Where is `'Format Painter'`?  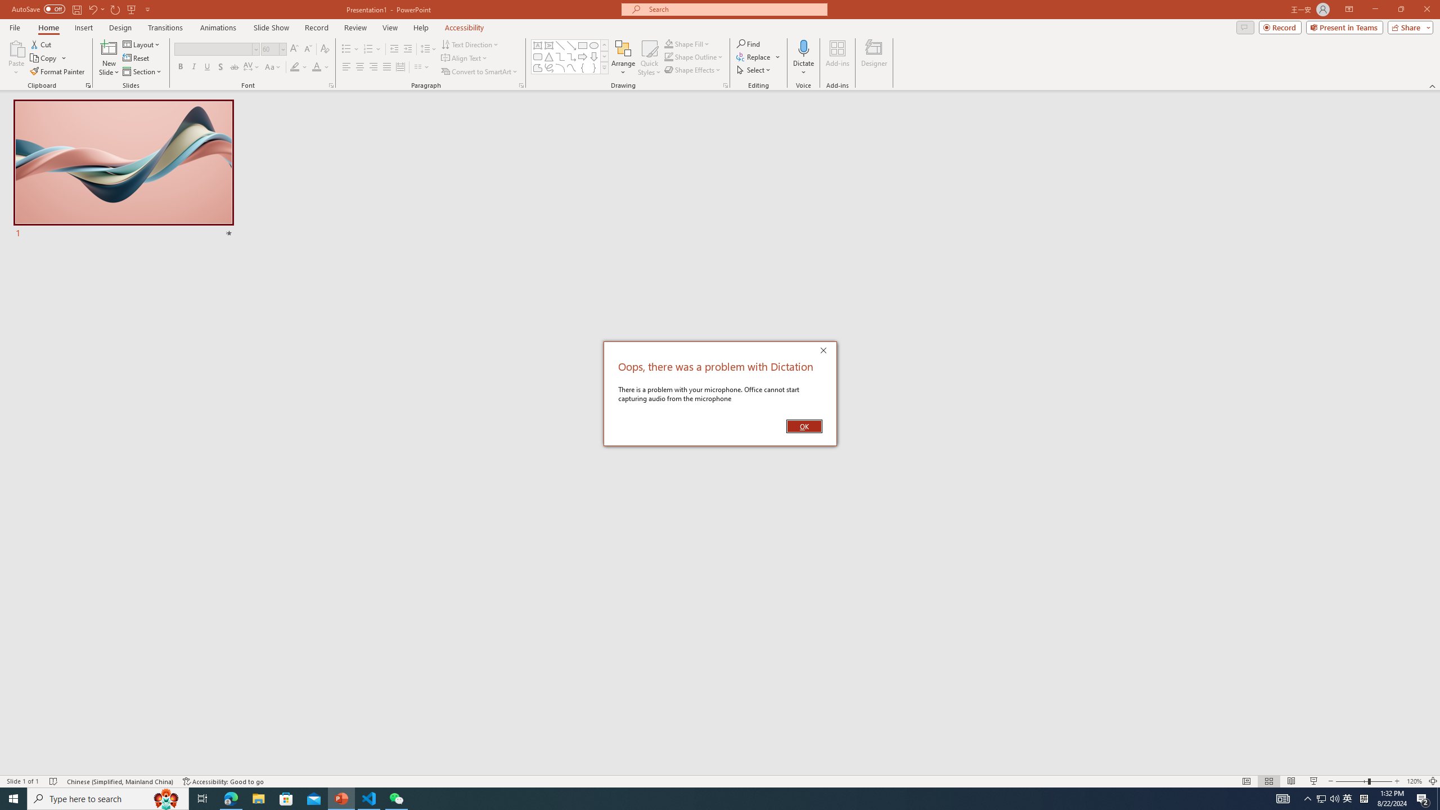
'Format Painter' is located at coordinates (57, 71).